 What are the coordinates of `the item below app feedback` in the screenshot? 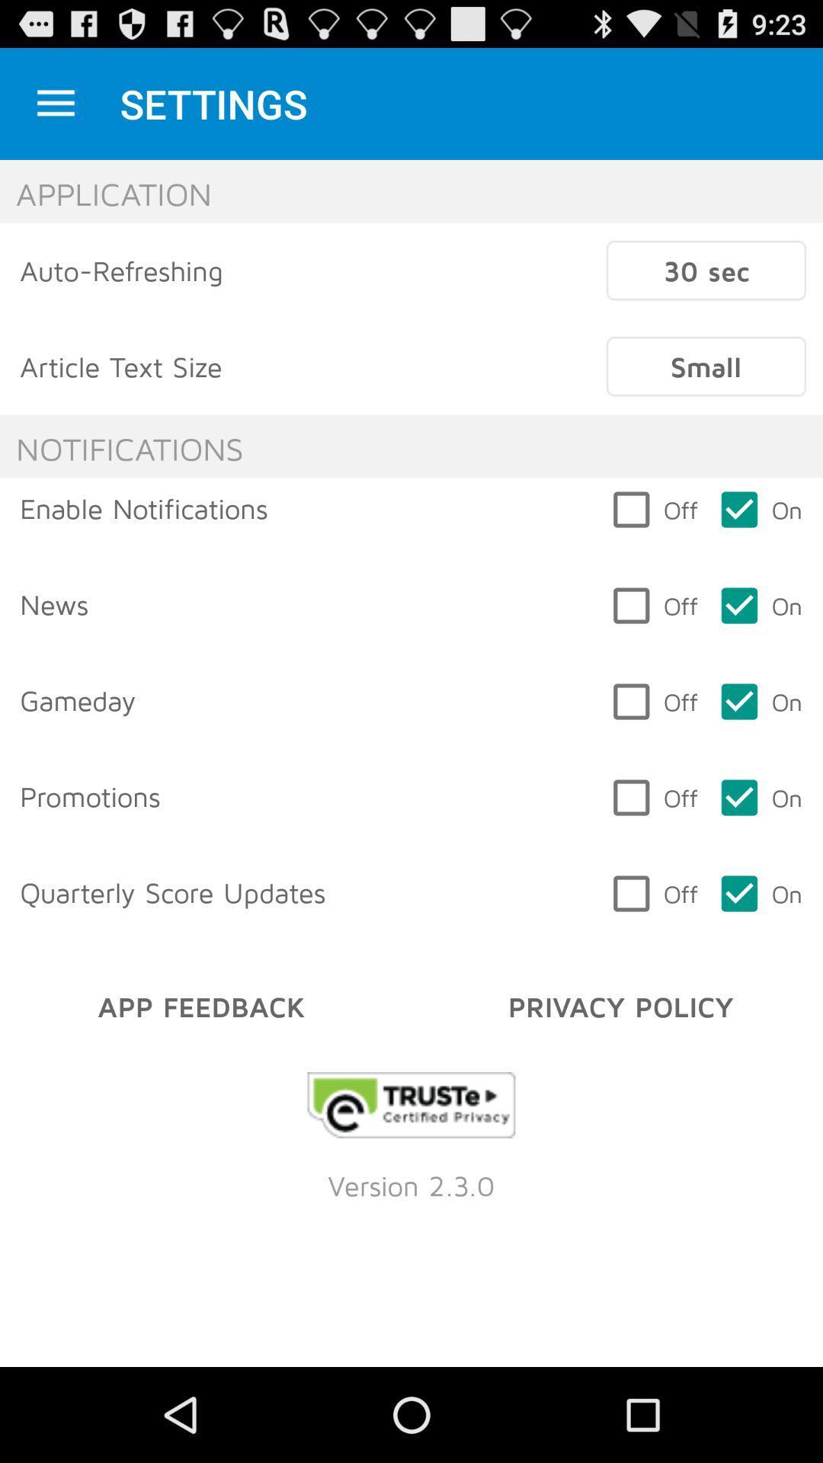 It's located at (411, 1105).